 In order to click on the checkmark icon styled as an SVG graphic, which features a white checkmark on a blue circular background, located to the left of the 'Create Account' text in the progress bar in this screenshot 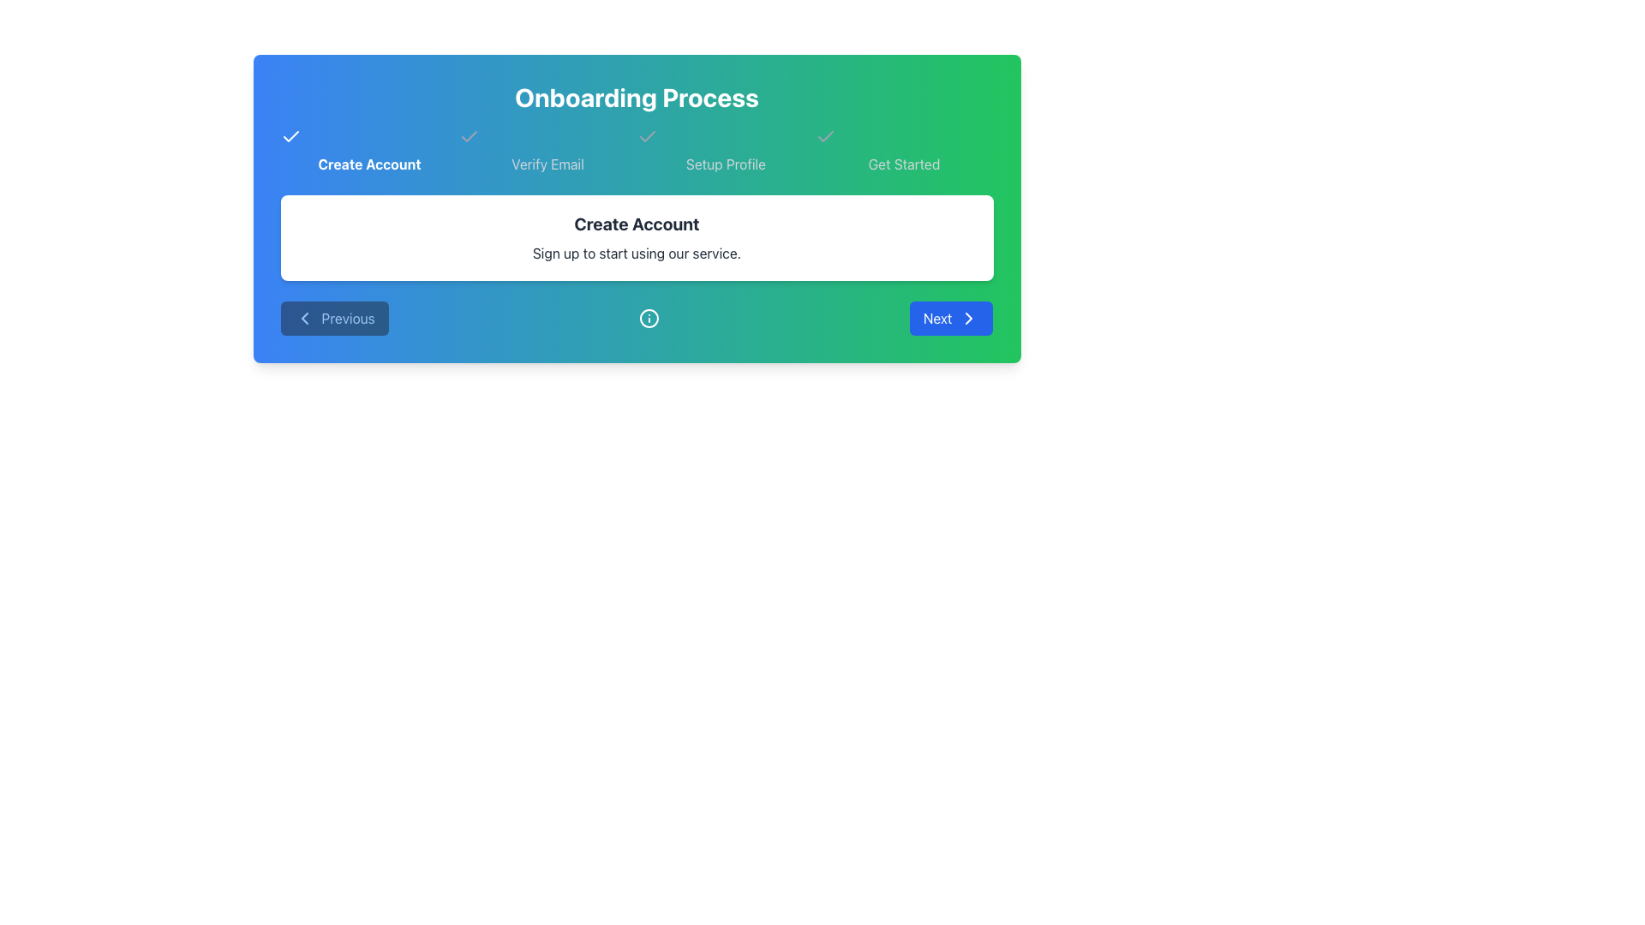, I will do `click(290, 135)`.